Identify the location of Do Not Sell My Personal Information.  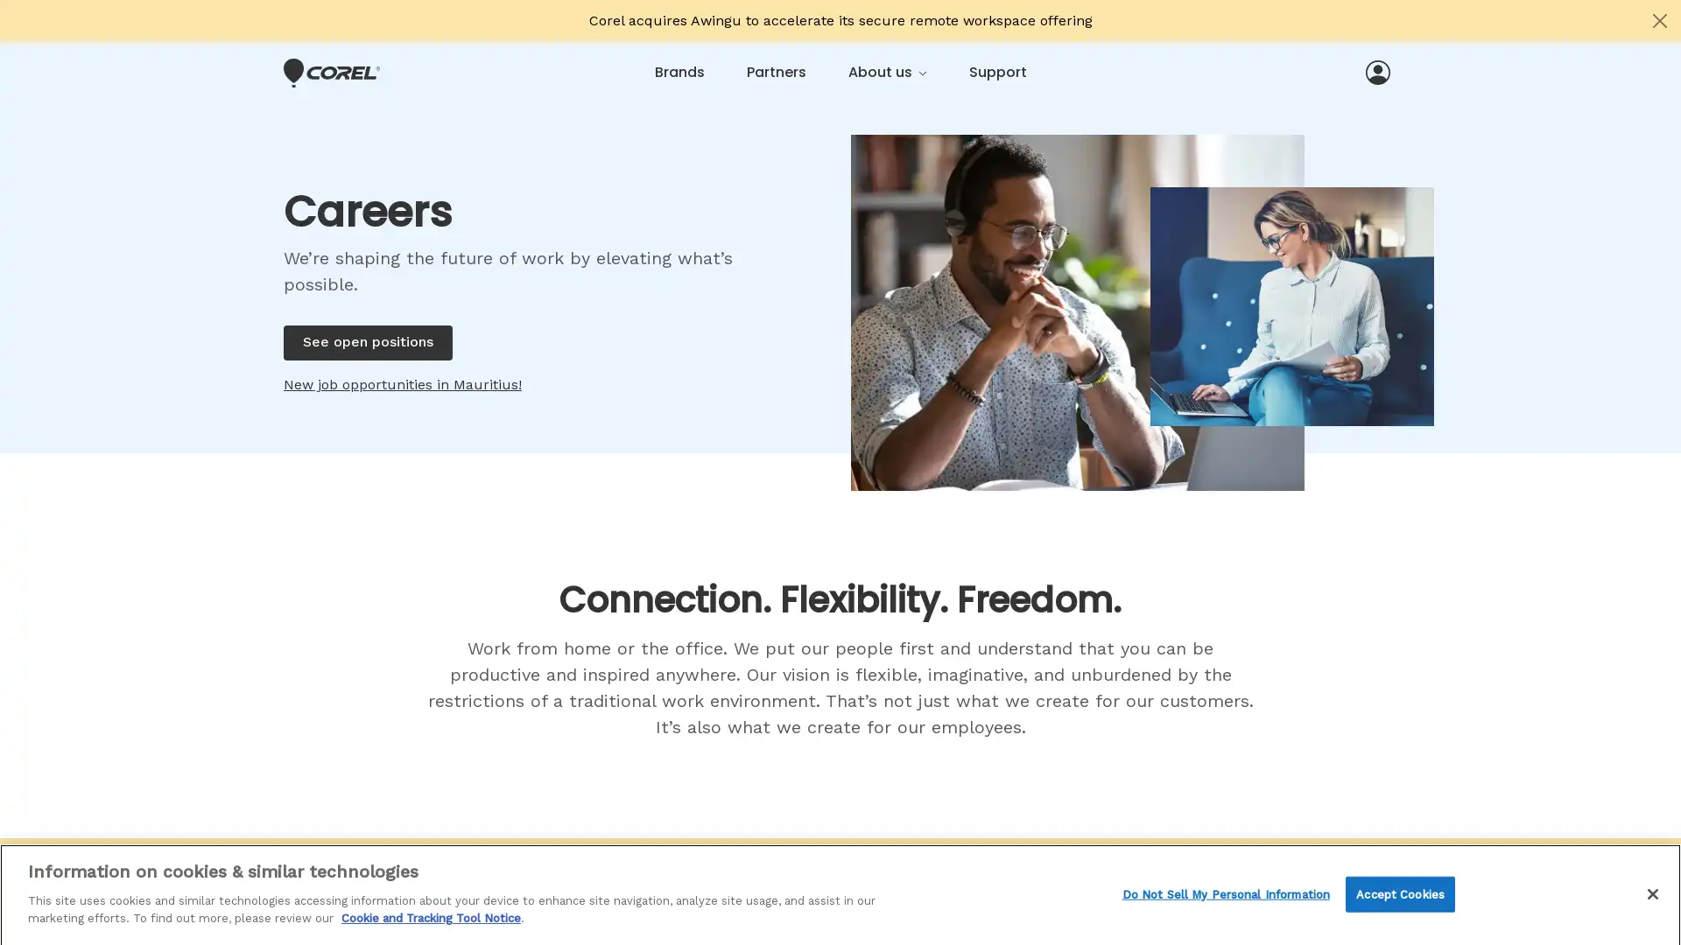
(1225, 892).